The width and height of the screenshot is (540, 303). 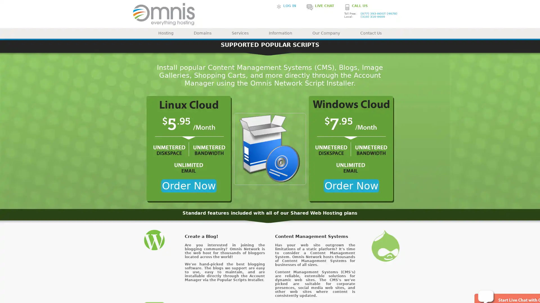 What do you see at coordinates (188, 186) in the screenshot?
I see `Order Now` at bounding box center [188, 186].